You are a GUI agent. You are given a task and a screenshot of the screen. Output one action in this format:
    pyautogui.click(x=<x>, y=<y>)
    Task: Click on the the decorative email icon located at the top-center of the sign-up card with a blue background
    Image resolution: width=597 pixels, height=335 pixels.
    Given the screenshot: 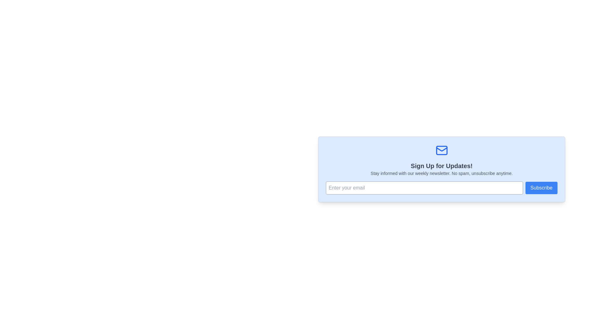 What is the action you would take?
    pyautogui.click(x=441, y=150)
    